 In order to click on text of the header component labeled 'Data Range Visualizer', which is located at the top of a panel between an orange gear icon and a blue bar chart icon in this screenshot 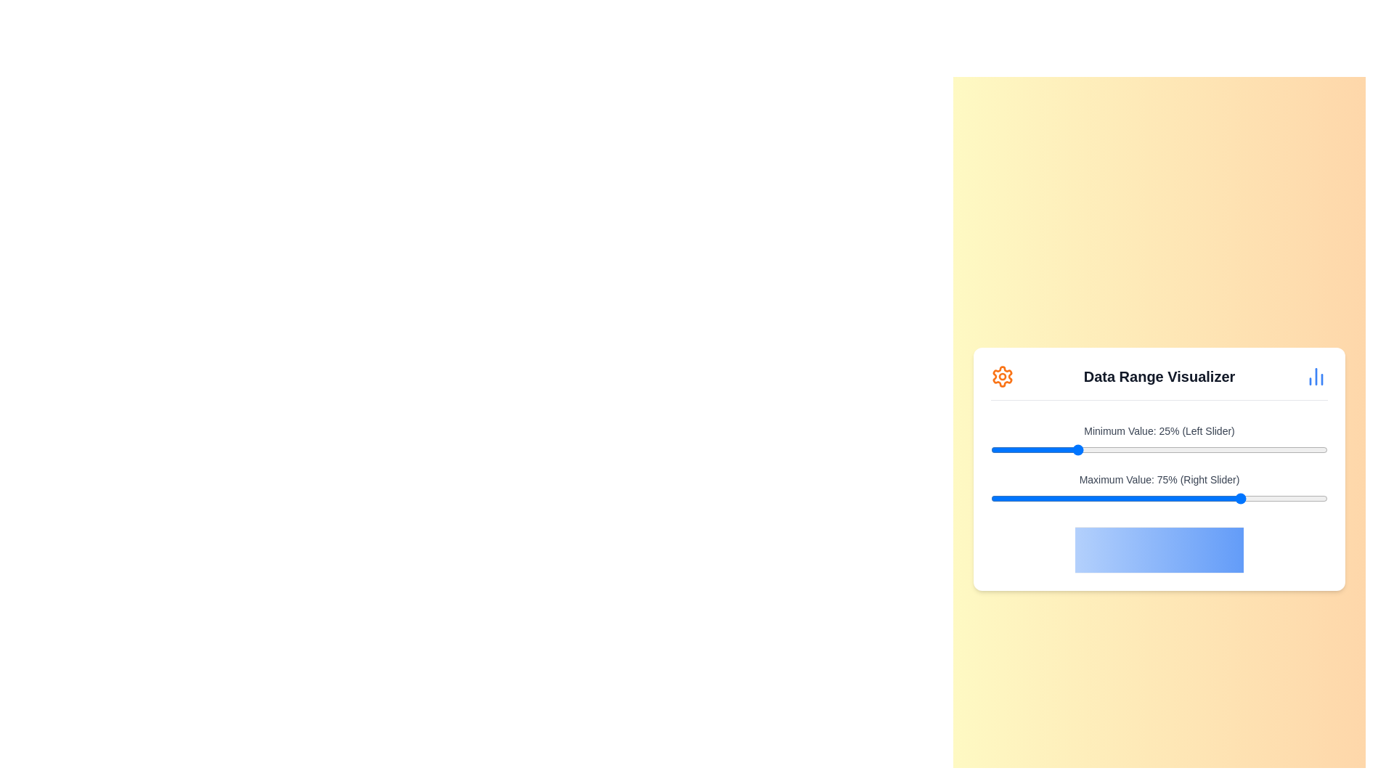, I will do `click(1159, 382)`.